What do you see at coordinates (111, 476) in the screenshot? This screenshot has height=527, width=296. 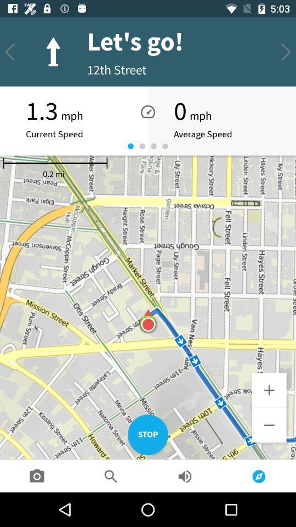 I see `search icon` at bounding box center [111, 476].